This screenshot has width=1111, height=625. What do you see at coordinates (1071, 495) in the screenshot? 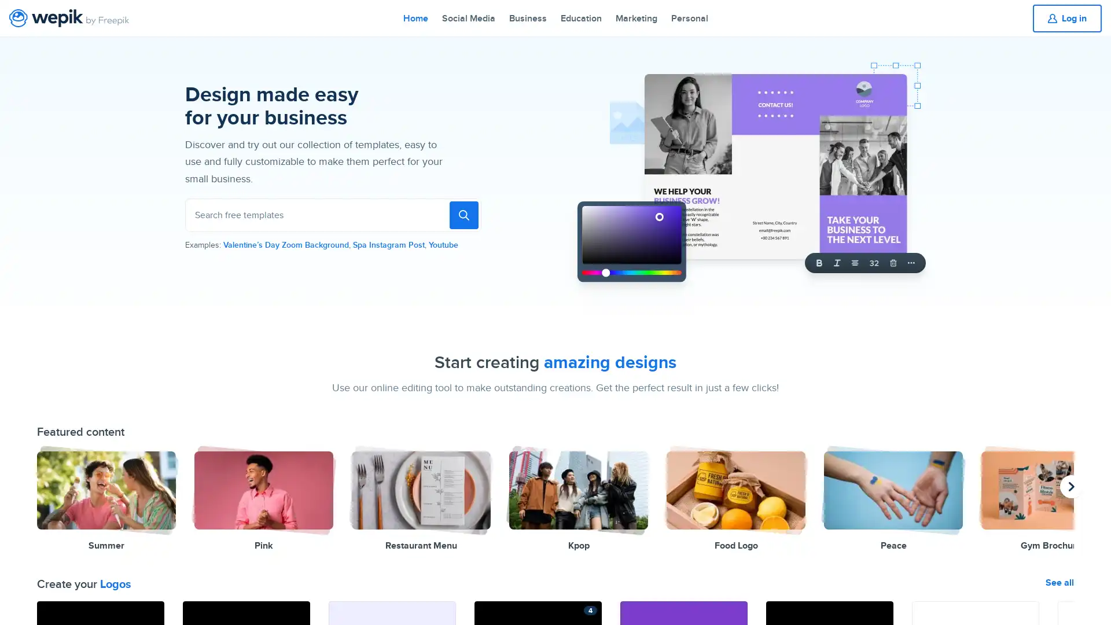
I see `previous presentation` at bounding box center [1071, 495].